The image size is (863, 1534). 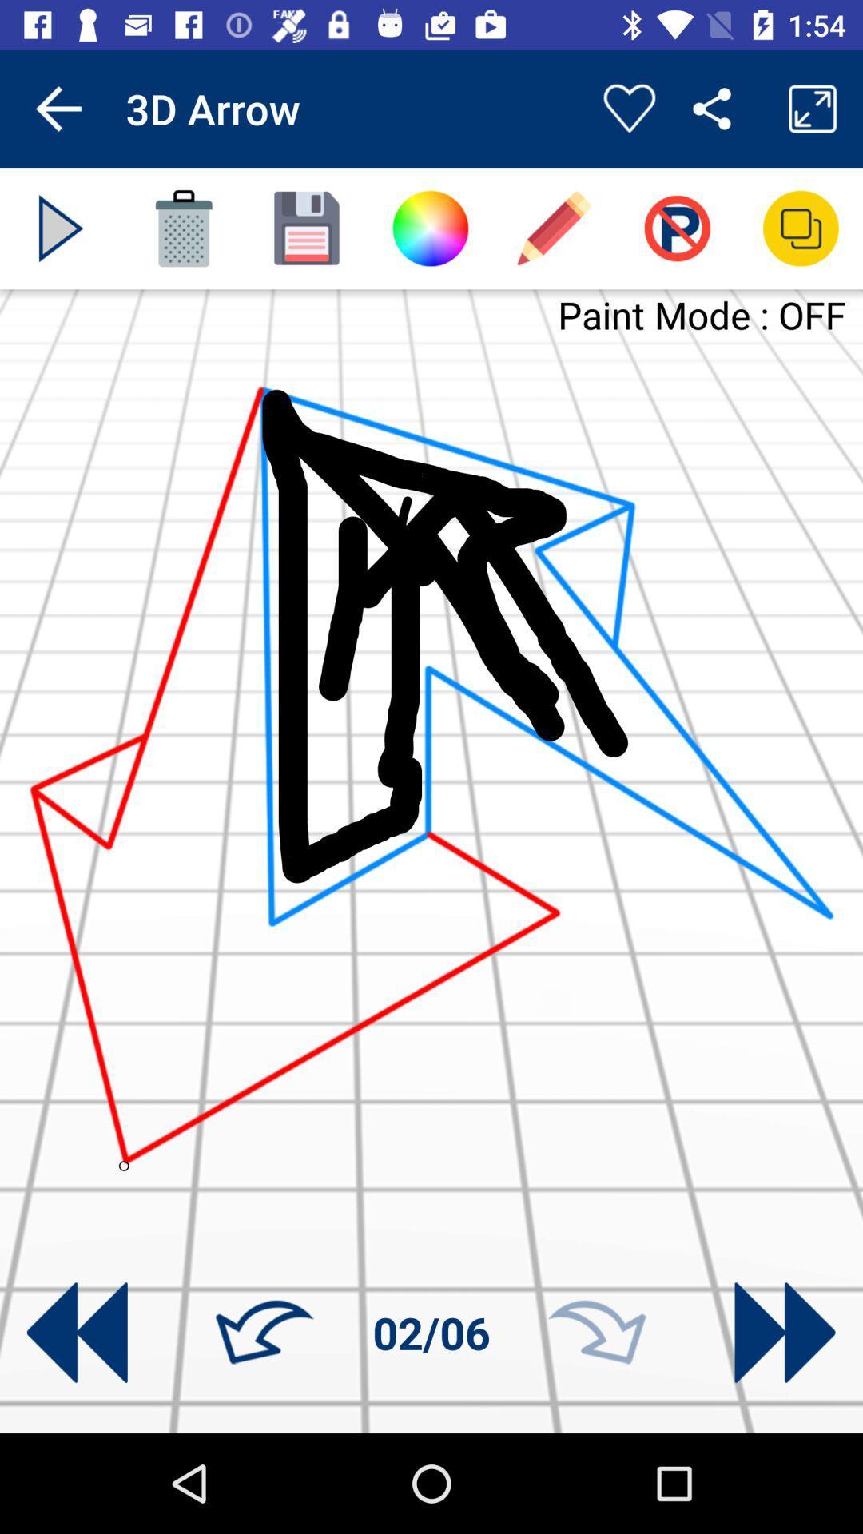 What do you see at coordinates (60, 228) in the screenshot?
I see `play` at bounding box center [60, 228].